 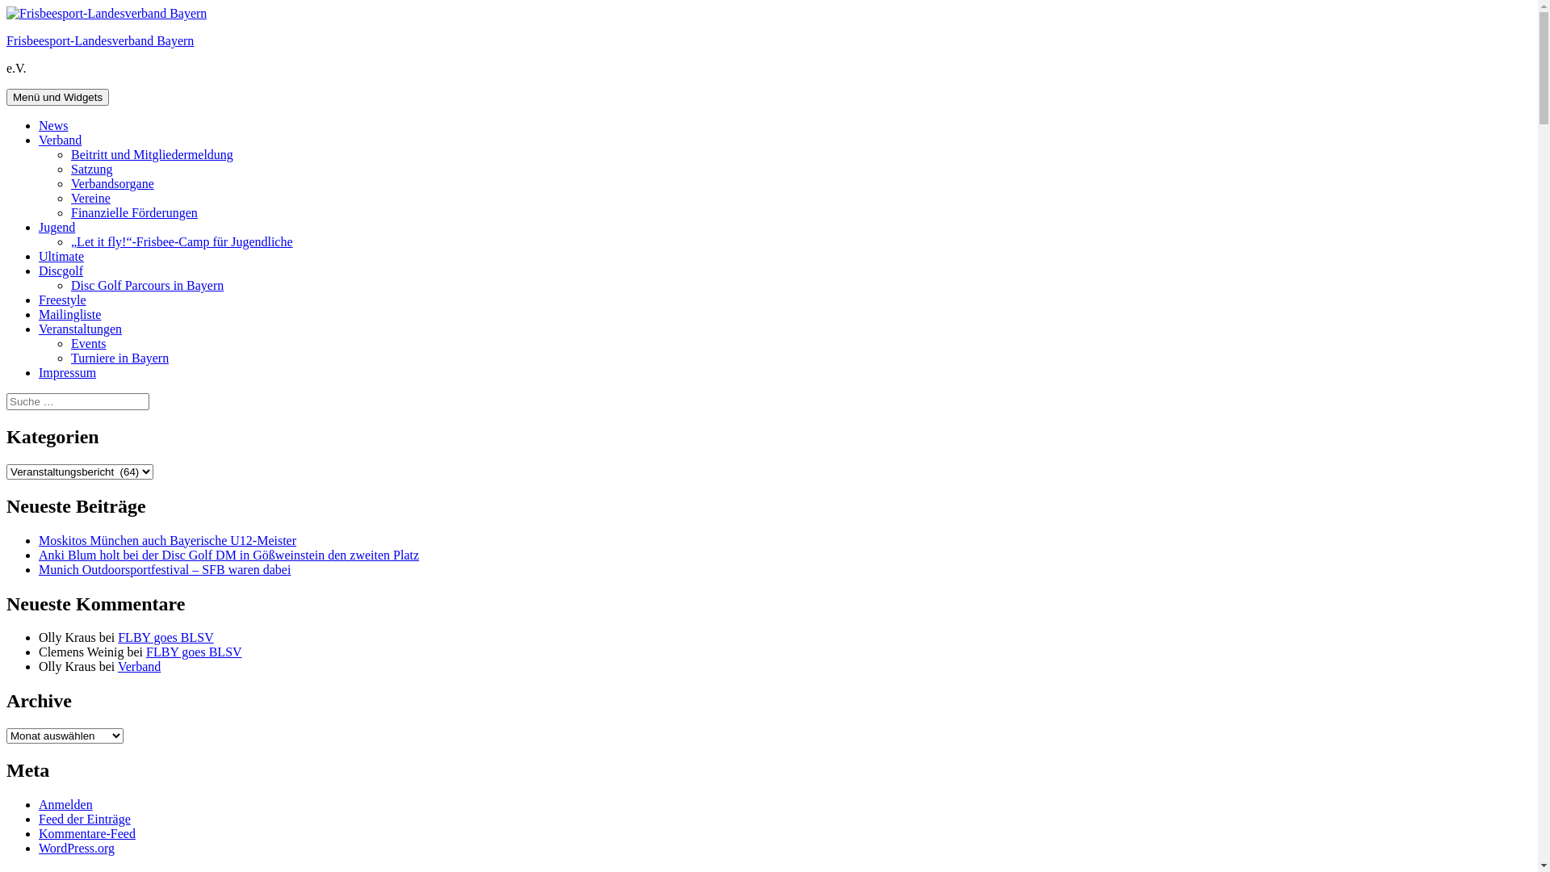 What do you see at coordinates (60, 139) in the screenshot?
I see `'Verband'` at bounding box center [60, 139].